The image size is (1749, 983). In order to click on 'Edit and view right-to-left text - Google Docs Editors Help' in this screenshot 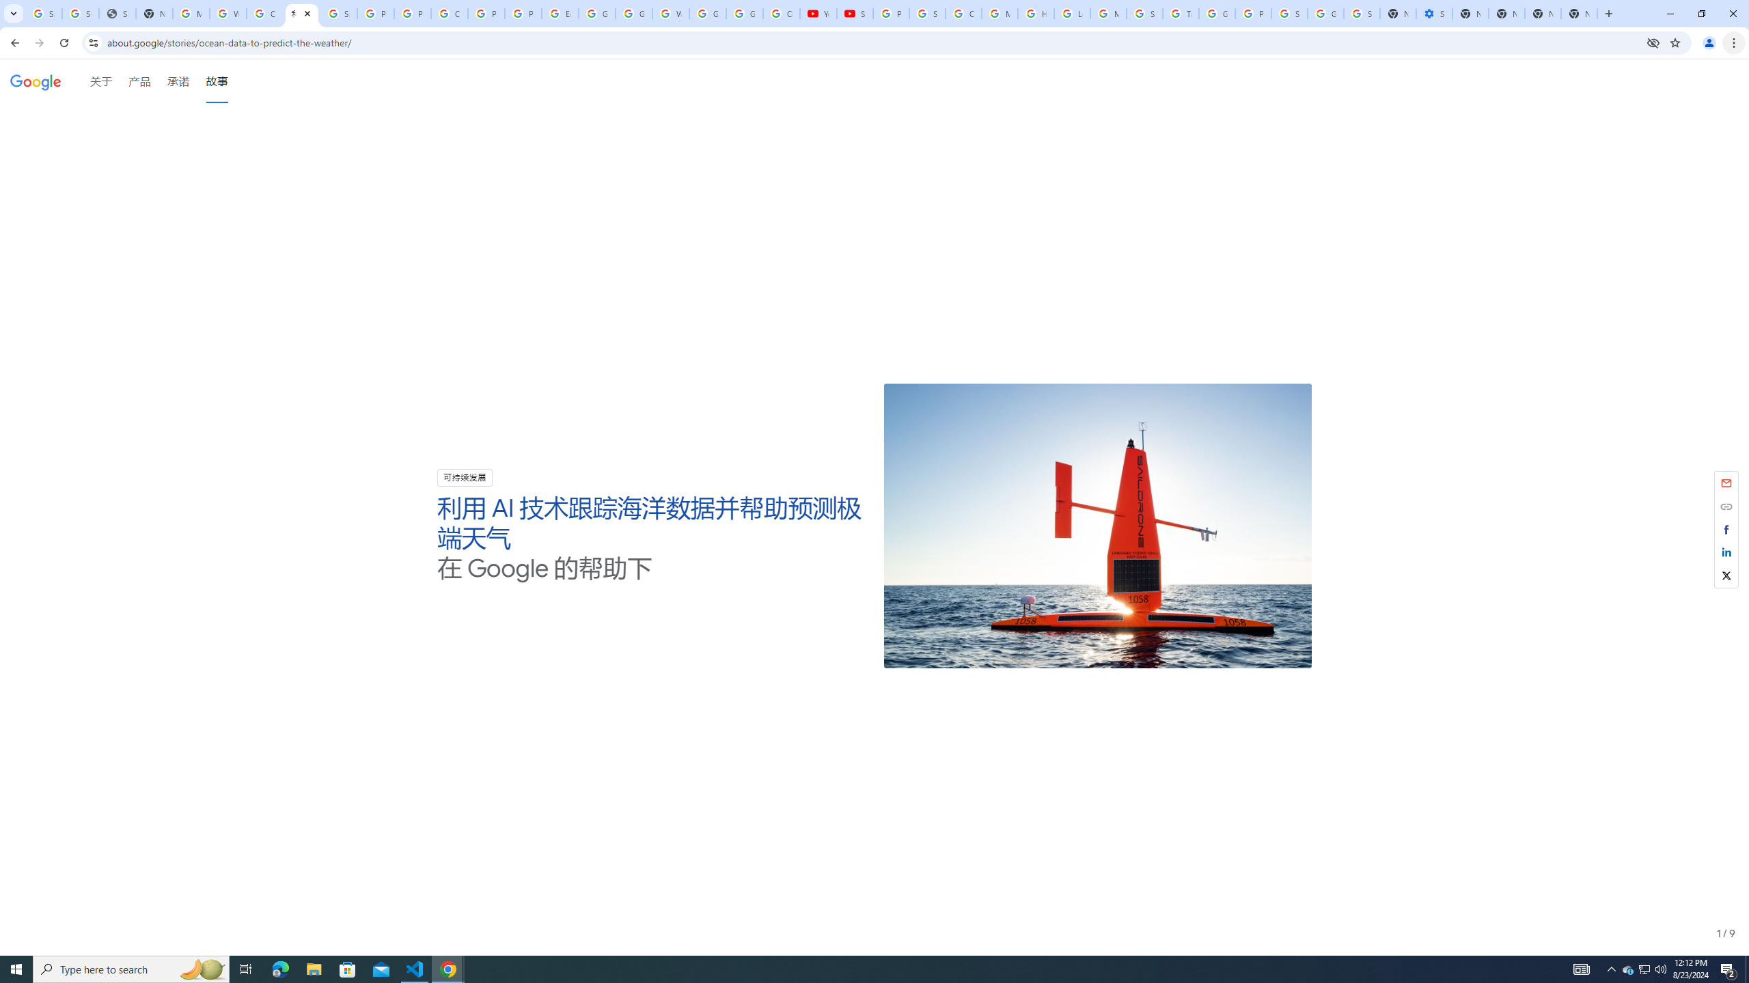, I will do `click(560, 13)`.